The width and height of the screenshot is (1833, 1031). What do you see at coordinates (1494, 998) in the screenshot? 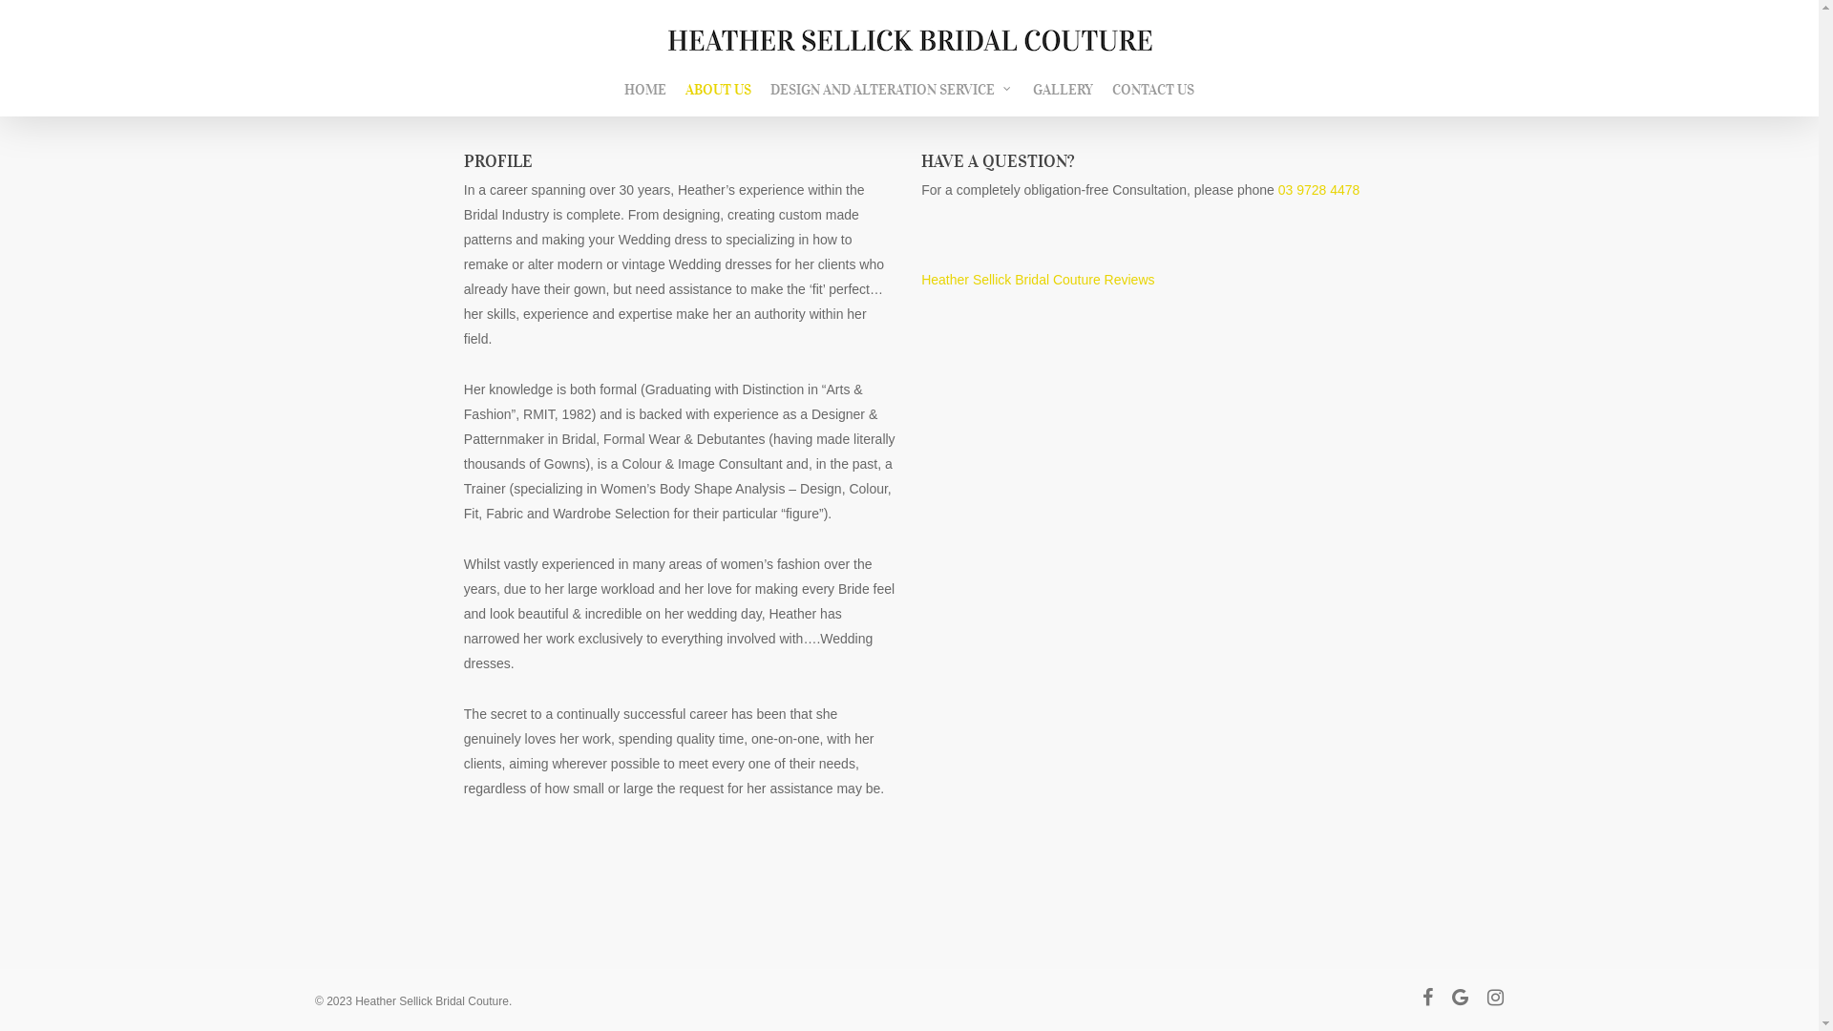
I see `'instagram'` at bounding box center [1494, 998].